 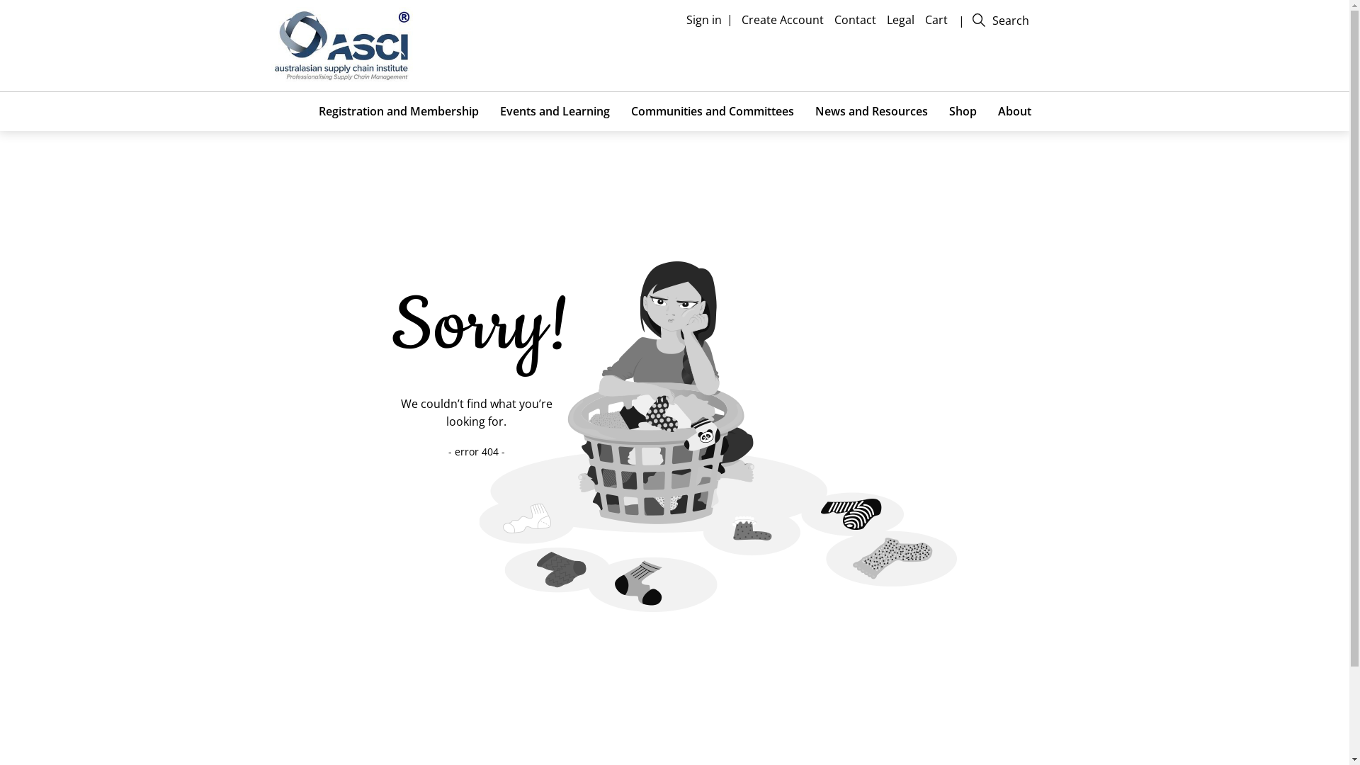 I want to click on 'Sign in', so click(x=703, y=19).